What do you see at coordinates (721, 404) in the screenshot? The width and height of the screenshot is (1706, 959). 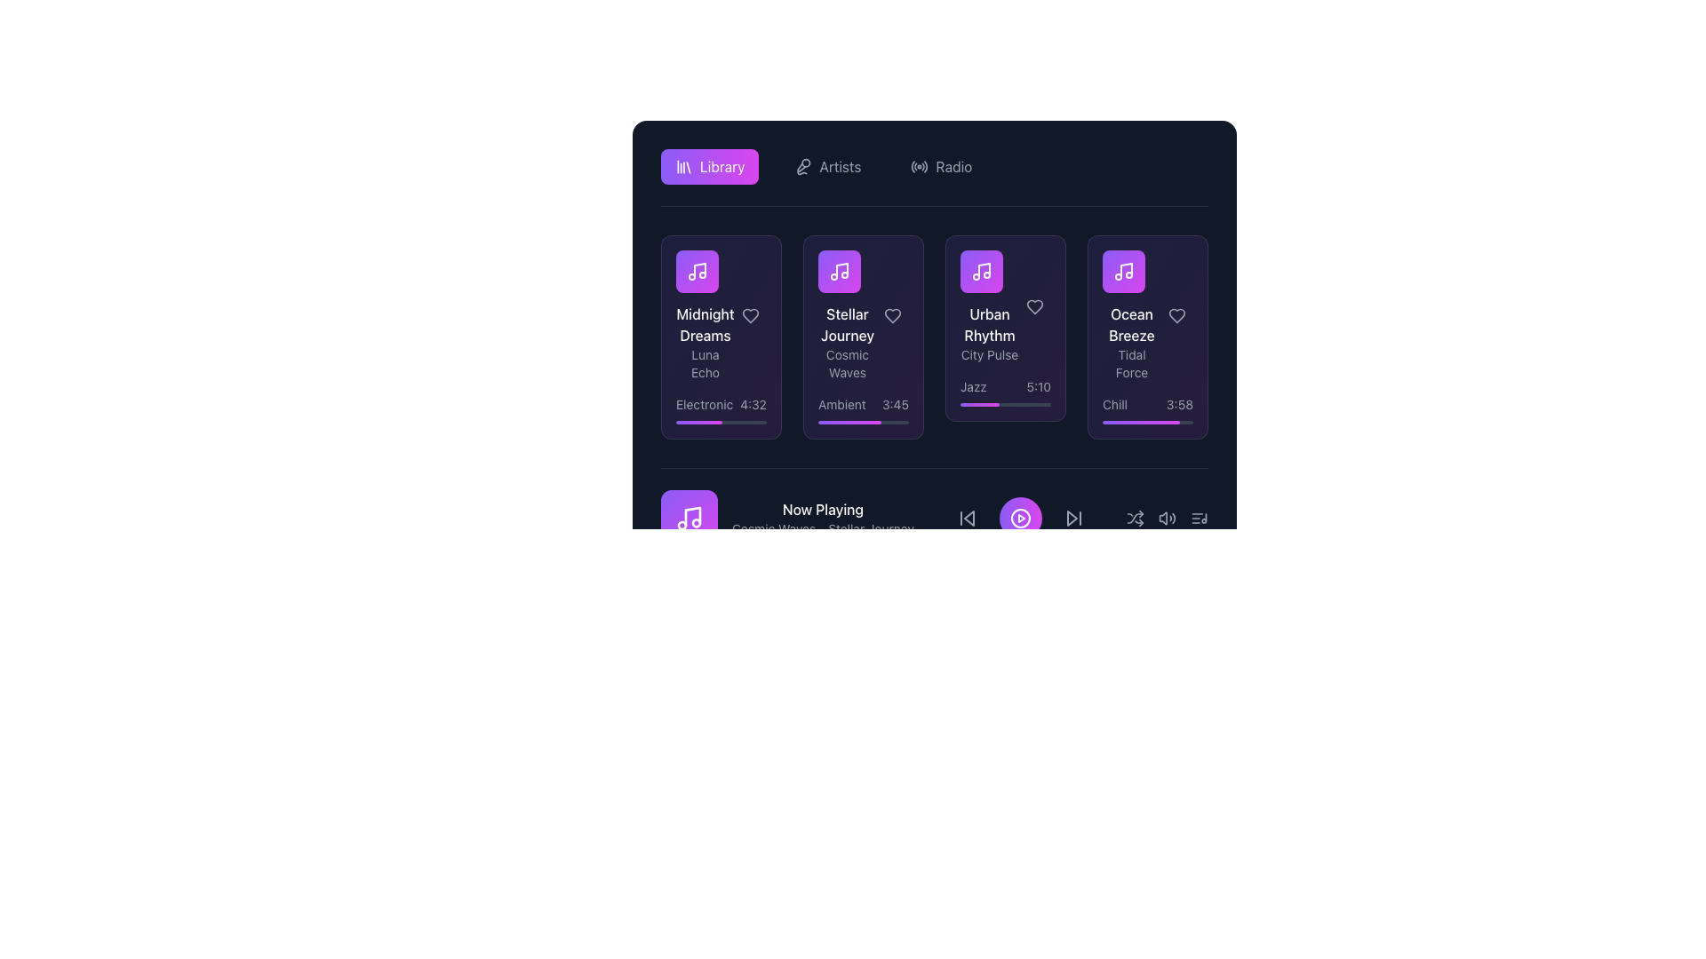 I see `the text field element displaying 'Electronic' and '4:32'` at bounding box center [721, 404].